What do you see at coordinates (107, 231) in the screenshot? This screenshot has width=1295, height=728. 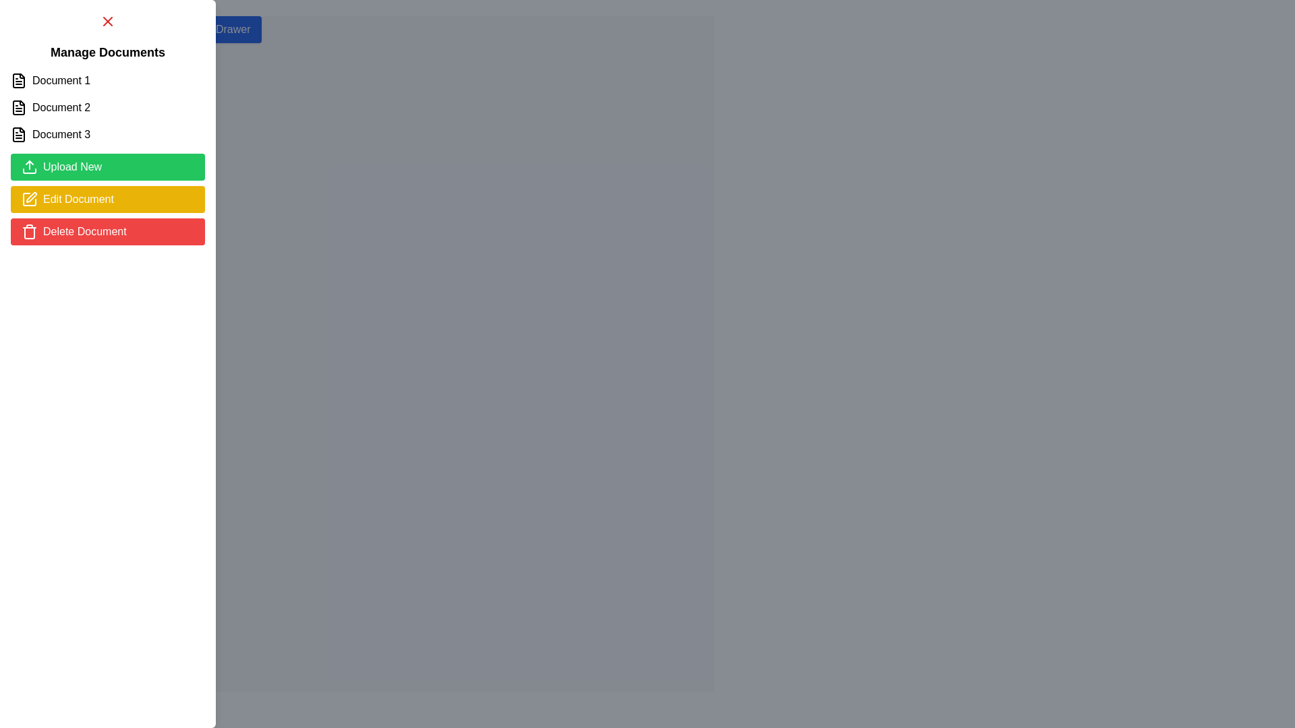 I see `the delete button located at the bottom of the 'Manage Documents' section` at bounding box center [107, 231].